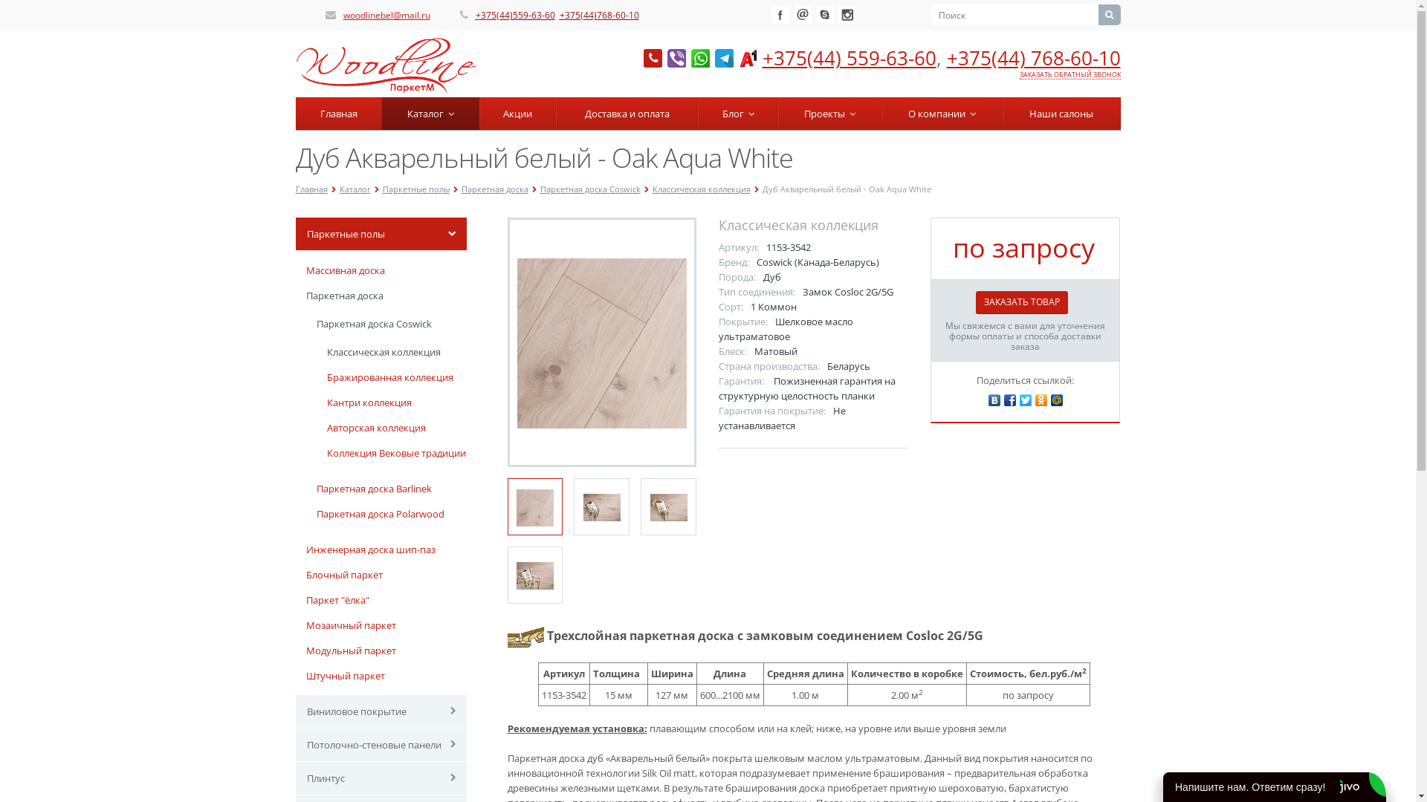 Image resolution: width=1427 pixels, height=802 pixels. Describe the element at coordinates (849, 56) in the screenshot. I see `'+375(44) 559-63-60'` at that location.